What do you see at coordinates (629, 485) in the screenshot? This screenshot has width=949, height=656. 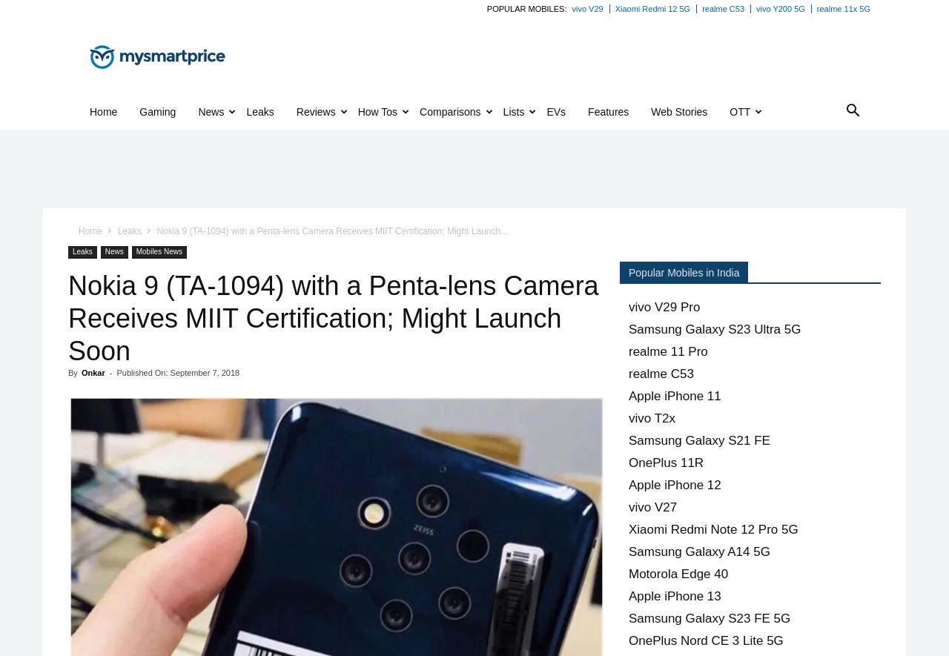 I see `'Apple iPhone 12'` at bounding box center [629, 485].